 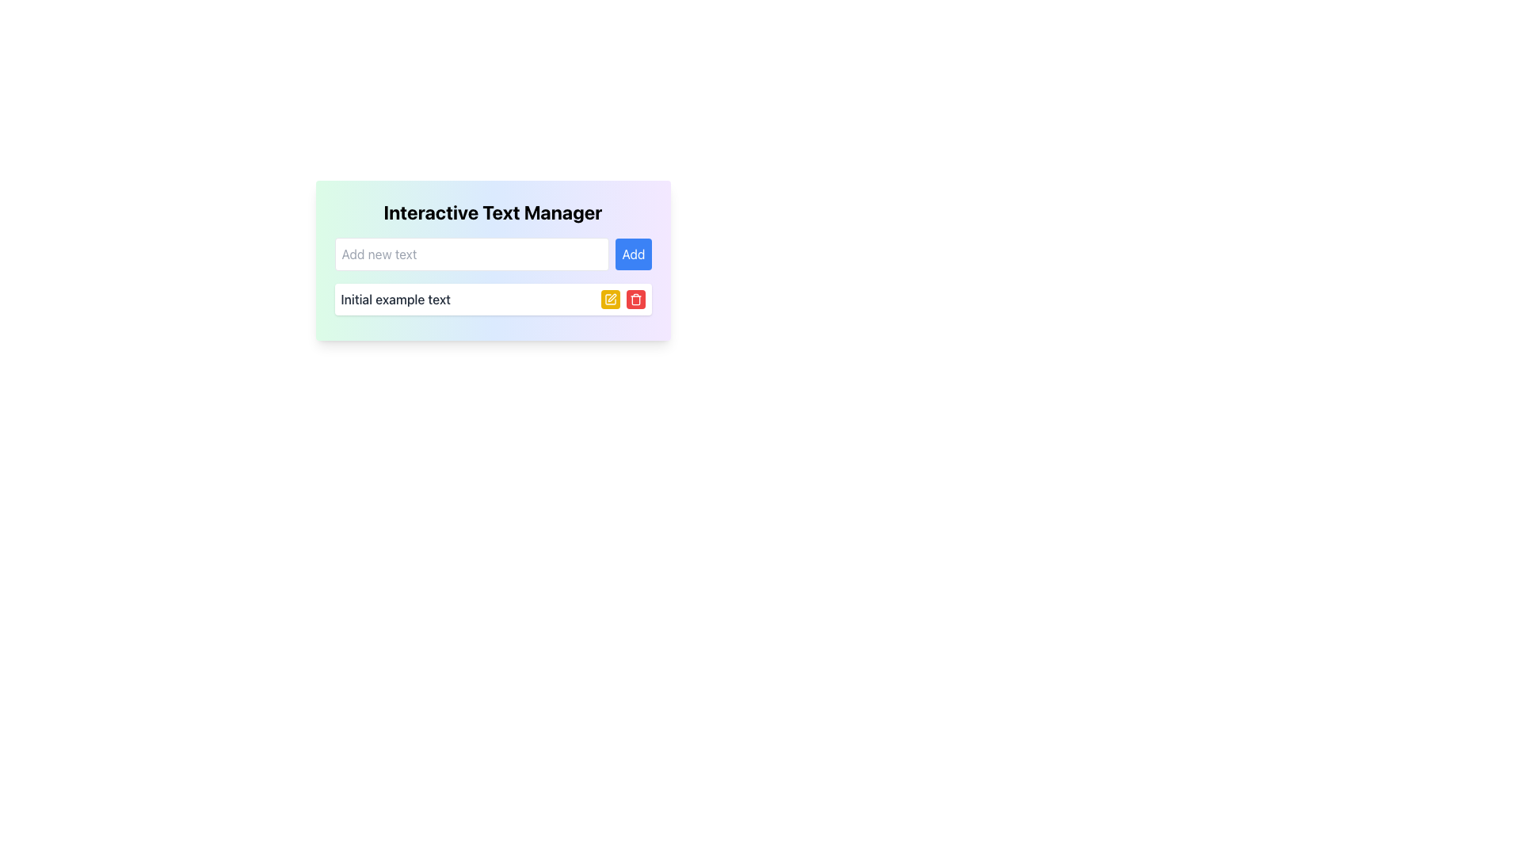 I want to click on the red rectangular button with a trash icon located at the rightmost end of the button stack, so click(x=622, y=300).